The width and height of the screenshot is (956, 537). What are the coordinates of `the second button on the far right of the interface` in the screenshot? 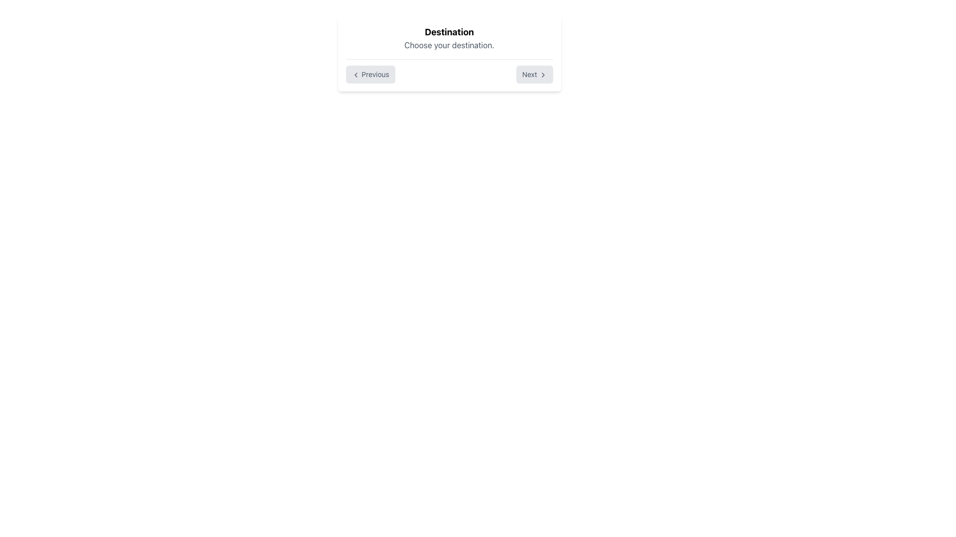 It's located at (534, 74).